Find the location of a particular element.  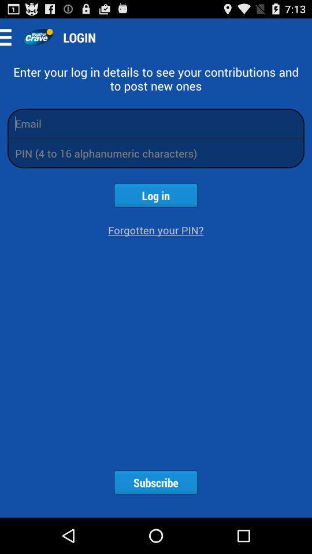

the forgotten your pin? app is located at coordinates (155, 229).